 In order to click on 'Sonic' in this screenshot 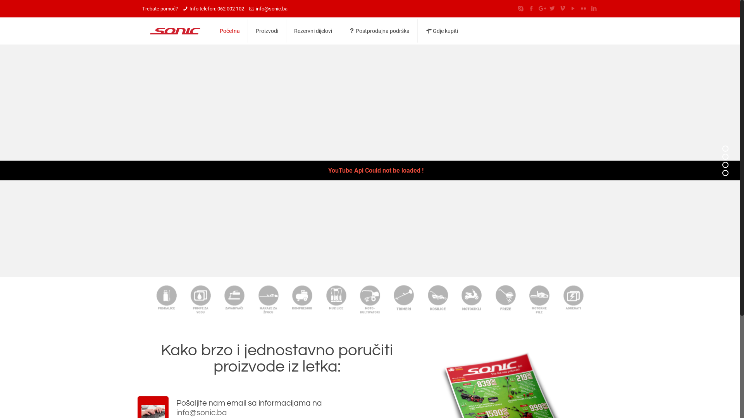, I will do `click(174, 31)`.